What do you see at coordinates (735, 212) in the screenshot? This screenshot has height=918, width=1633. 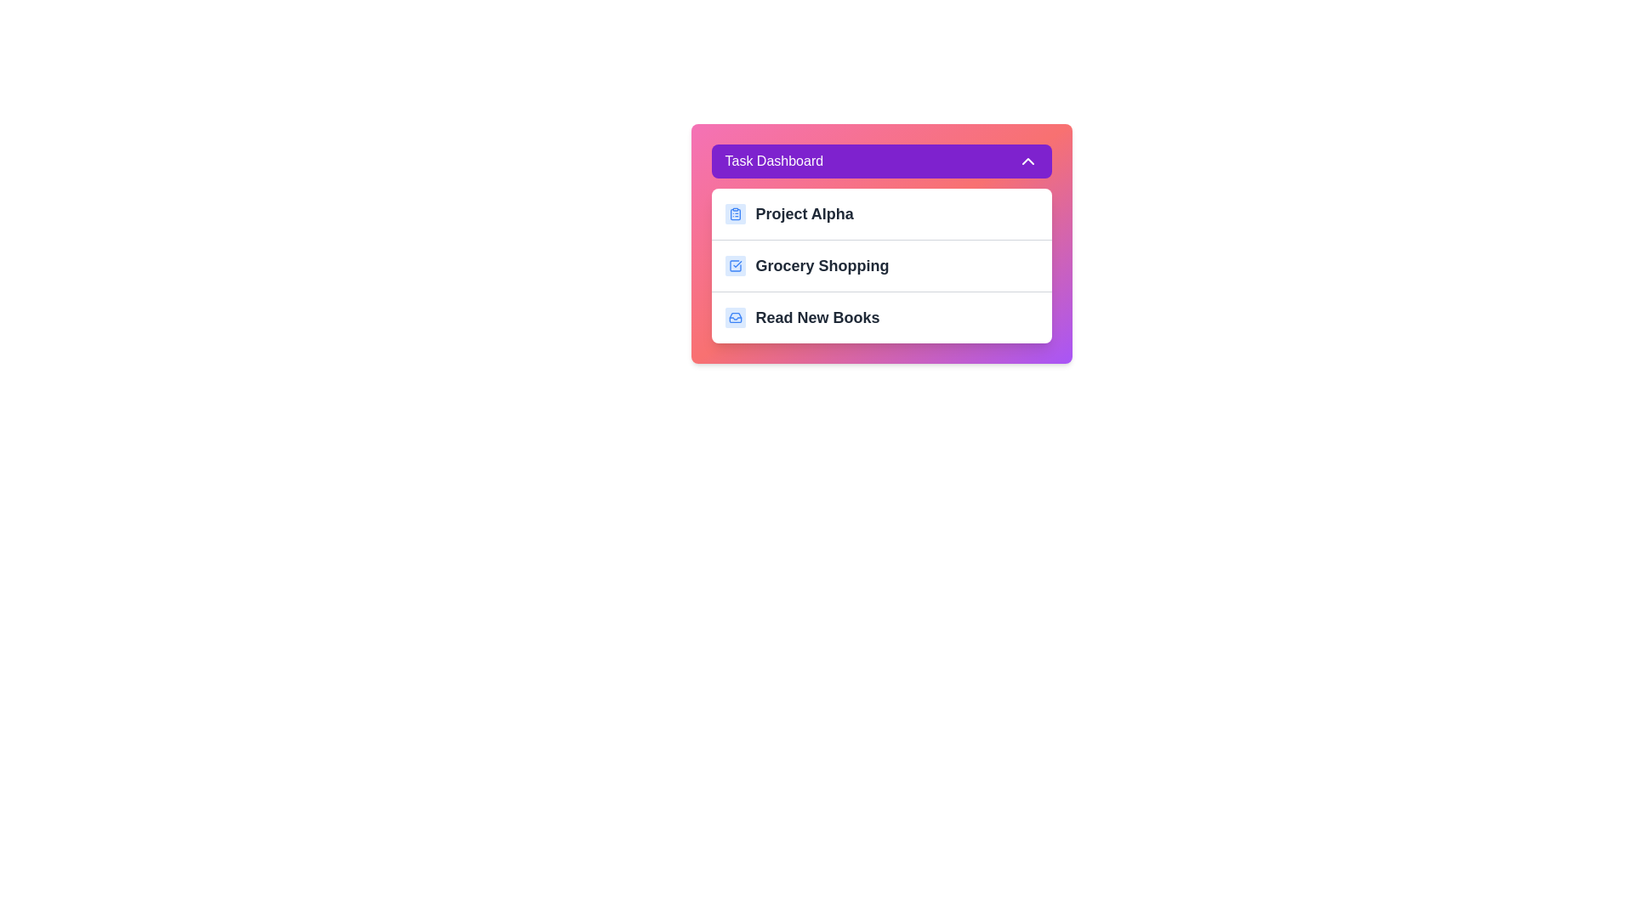 I see `the clipboard icon with a blue outline and white fill, located to the left of the text 'Project Alpha' in the task list interface` at bounding box center [735, 212].